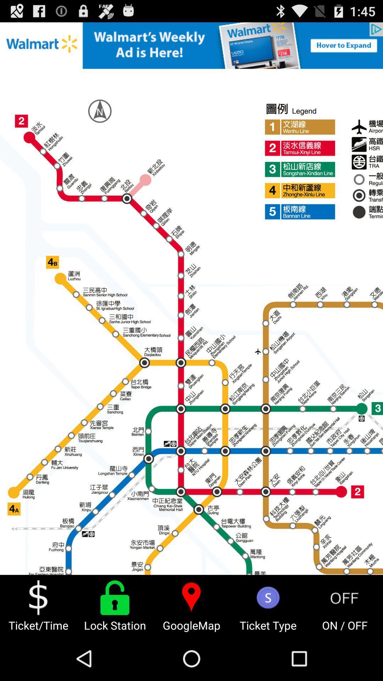  What do you see at coordinates (344, 597) in the screenshot?
I see `off button` at bounding box center [344, 597].